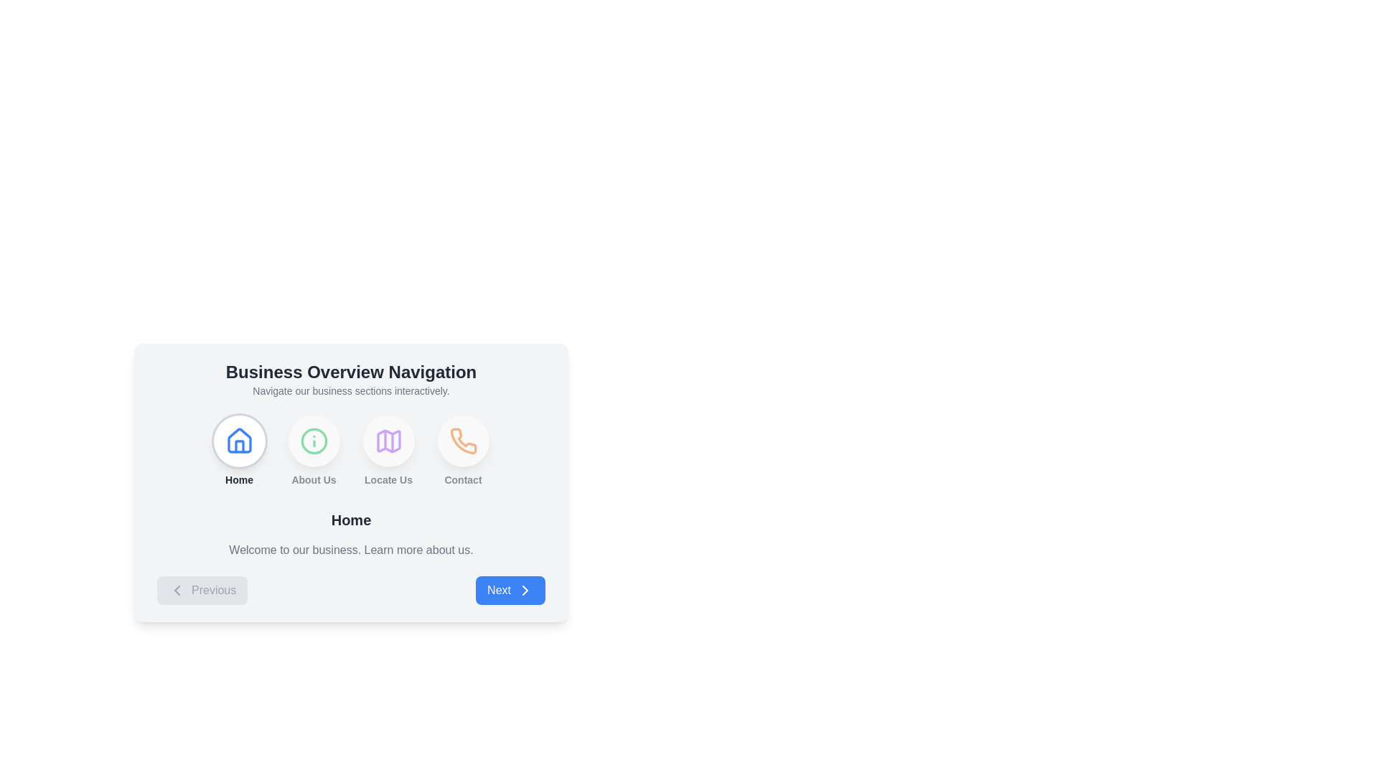 The height and width of the screenshot is (775, 1378). Describe the element at coordinates (239, 440) in the screenshot. I see `the first circular navigation button in the horizontal list` at that location.